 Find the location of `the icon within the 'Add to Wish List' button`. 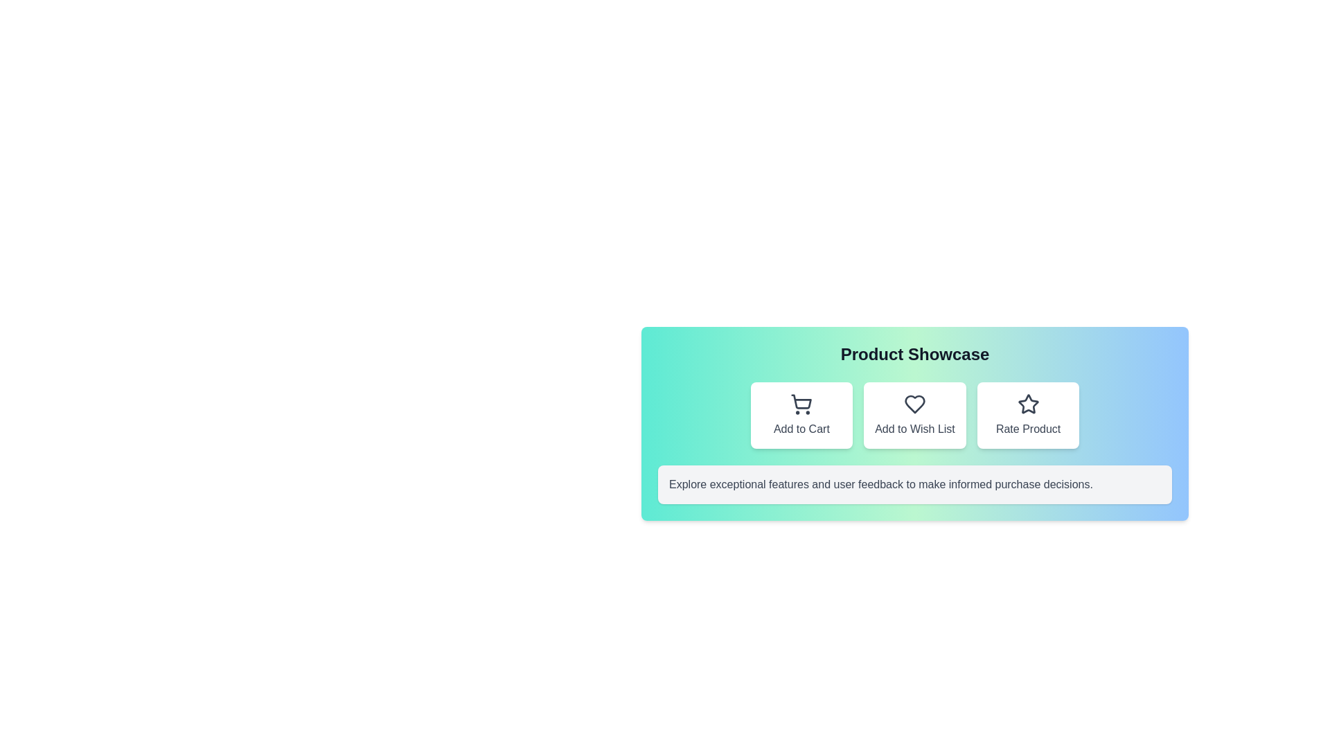

the icon within the 'Add to Wish List' button is located at coordinates (914, 404).